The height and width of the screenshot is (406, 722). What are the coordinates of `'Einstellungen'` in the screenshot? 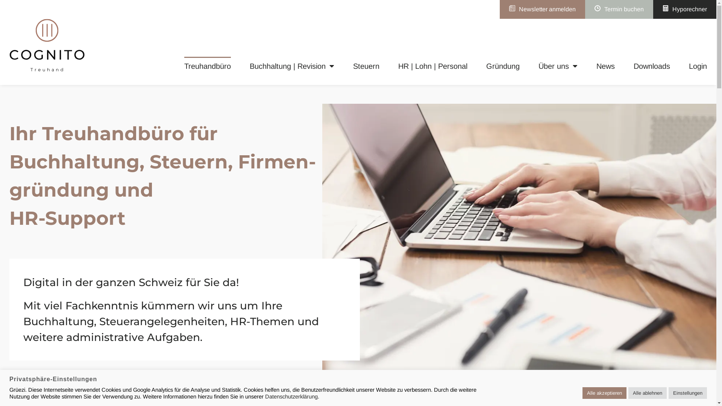 It's located at (687, 392).